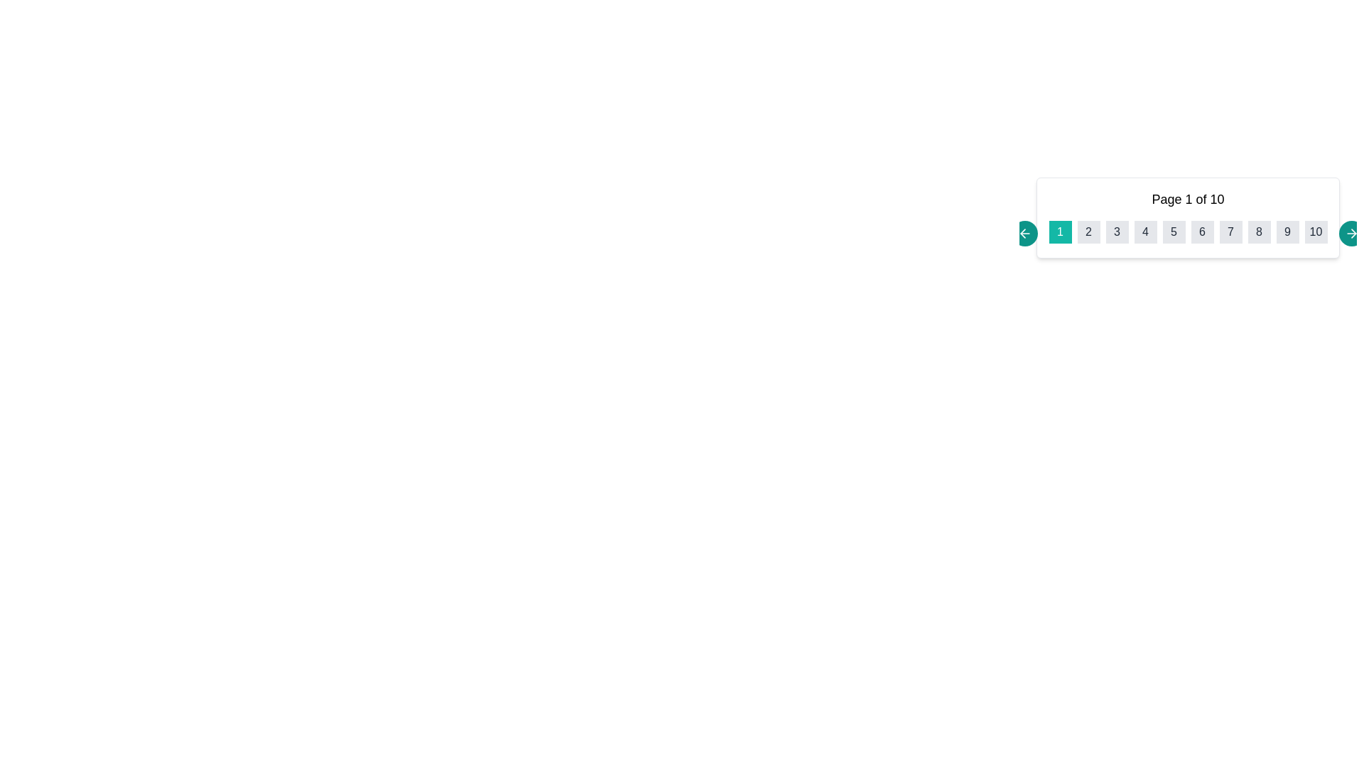 Image resolution: width=1364 pixels, height=767 pixels. I want to click on the small square button with a light gray background and a dark gray numeral '6' centered within it, so click(1201, 232).